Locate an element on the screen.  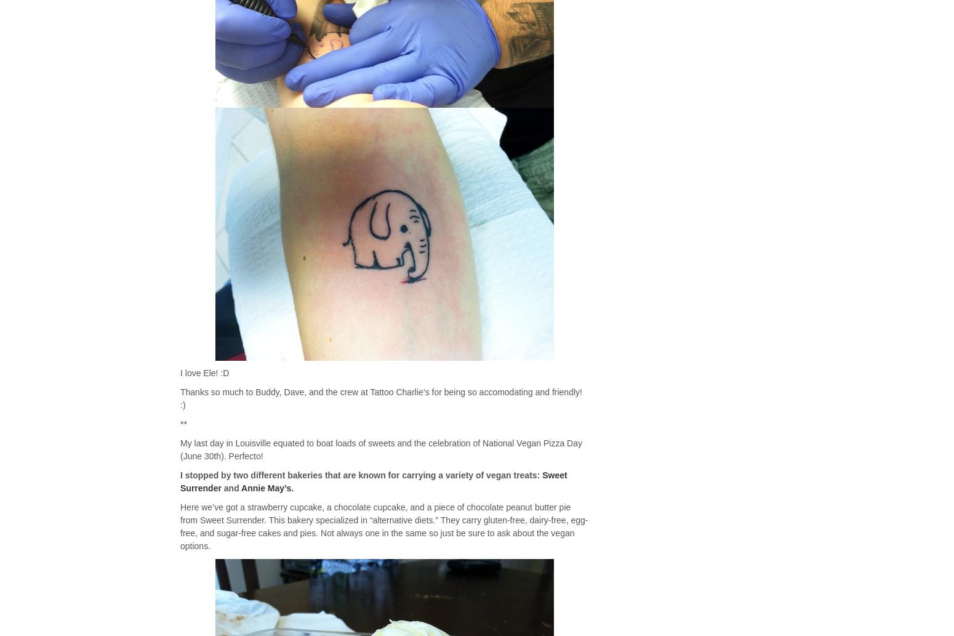
'.' is located at coordinates (292, 488).